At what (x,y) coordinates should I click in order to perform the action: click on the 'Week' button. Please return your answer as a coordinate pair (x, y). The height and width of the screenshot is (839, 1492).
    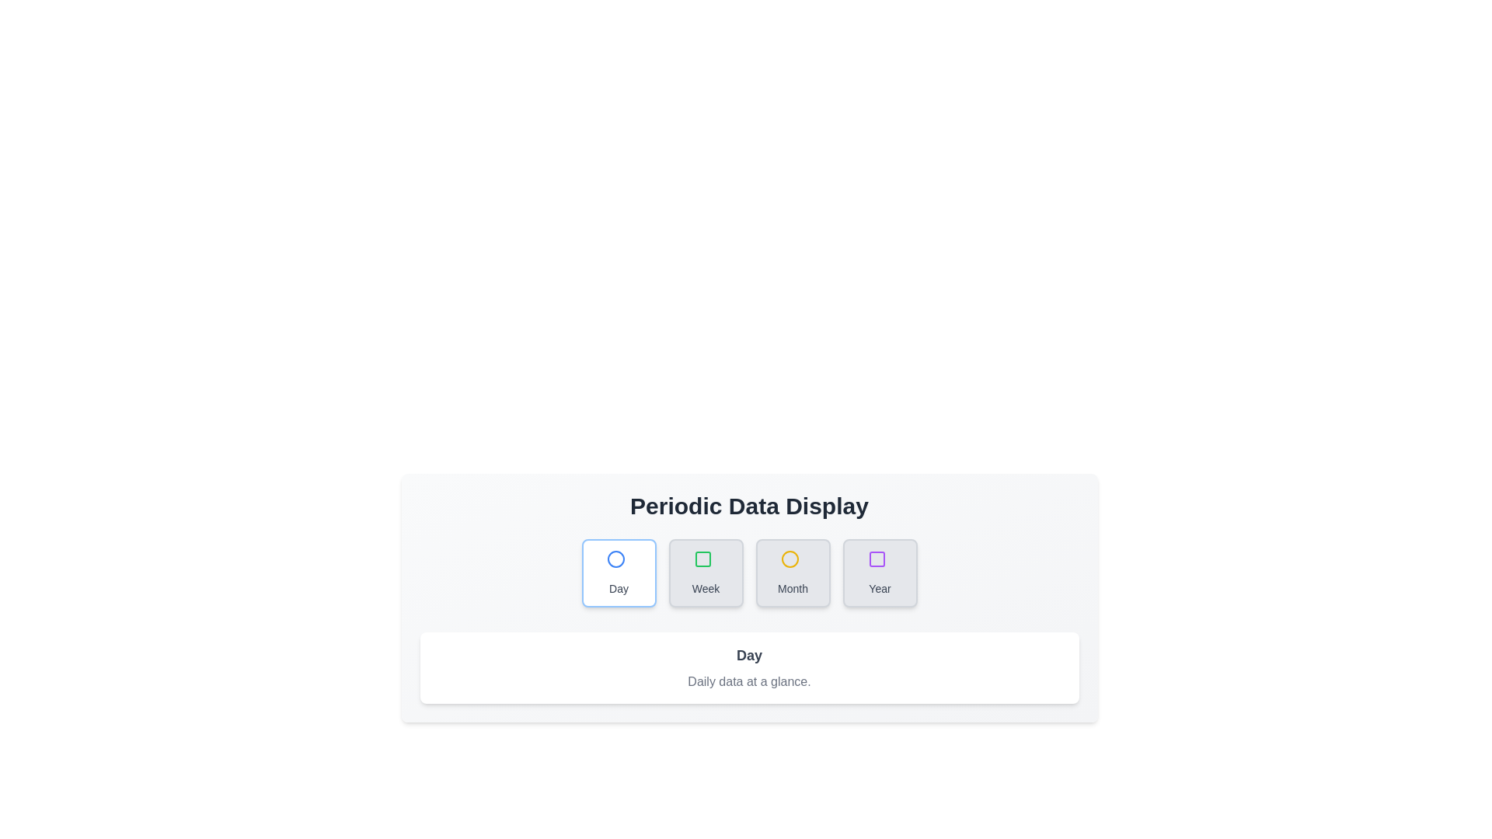
    Looking at the image, I should click on (705, 573).